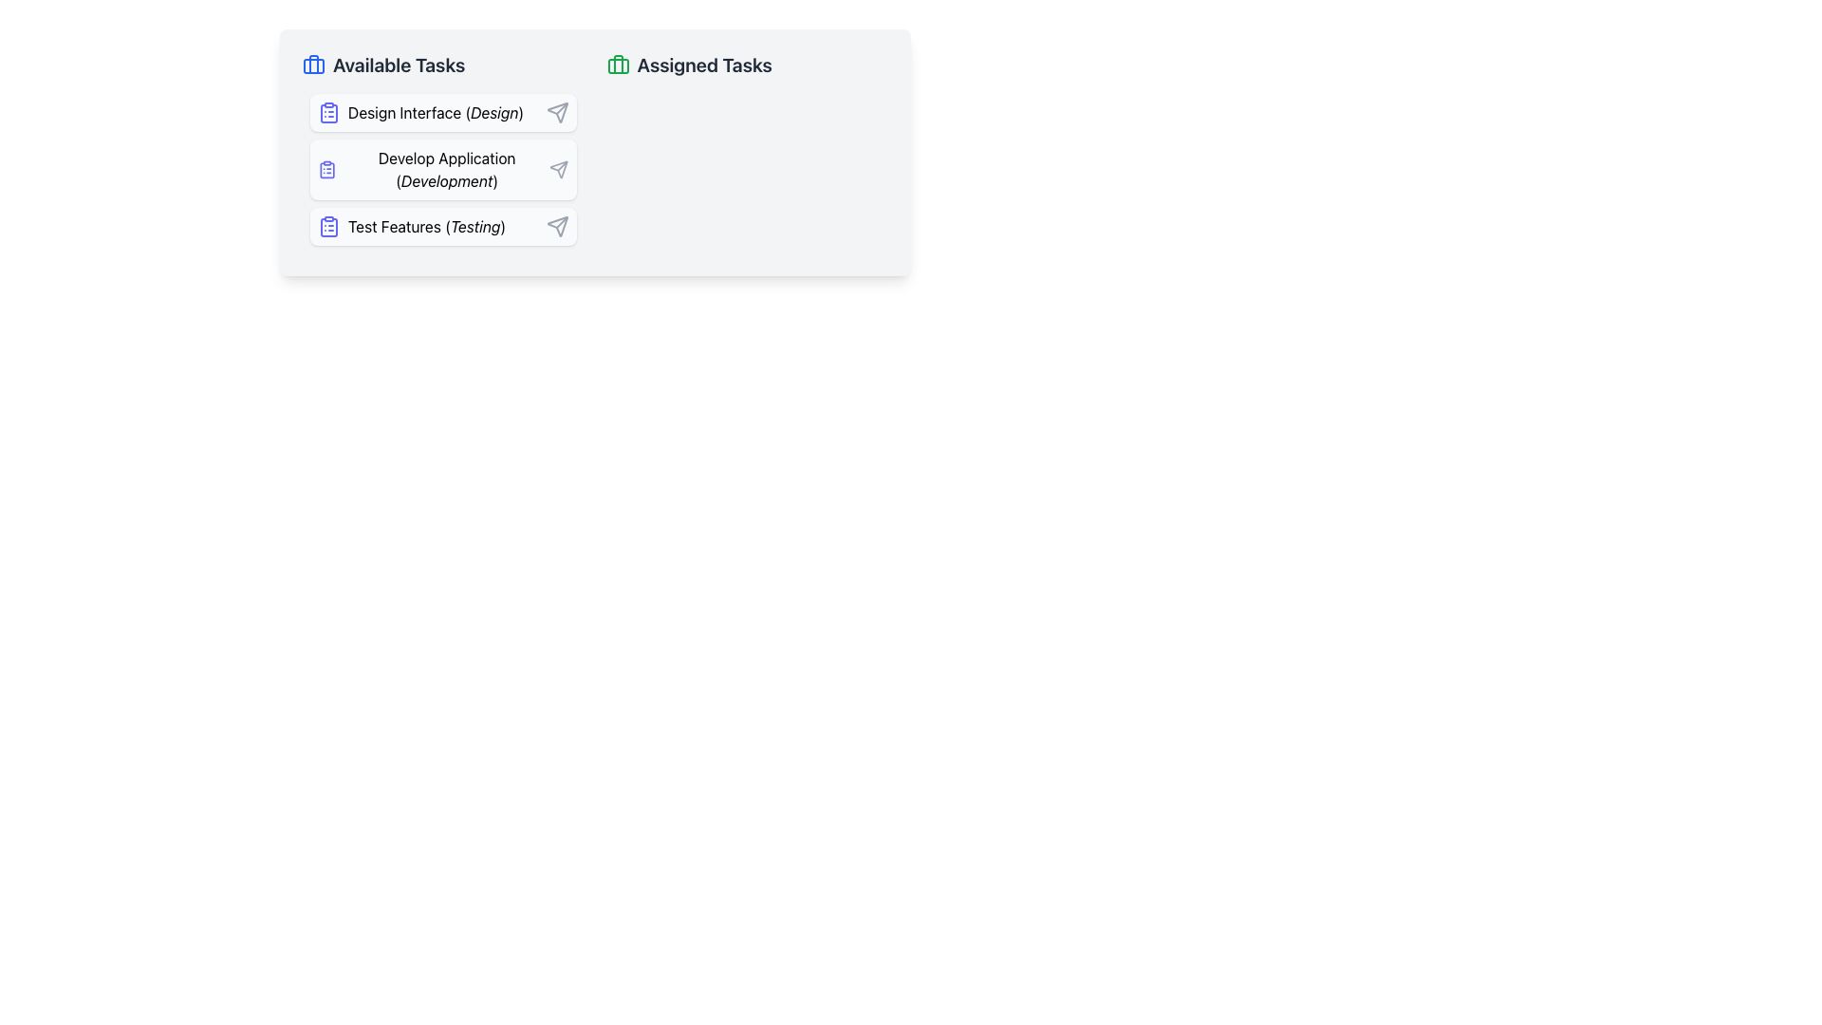 The width and height of the screenshot is (1822, 1025). Describe the element at coordinates (328, 113) in the screenshot. I see `the task item icon representing 'Design Interface', which is the first item in the 'Available Tasks' section` at that location.